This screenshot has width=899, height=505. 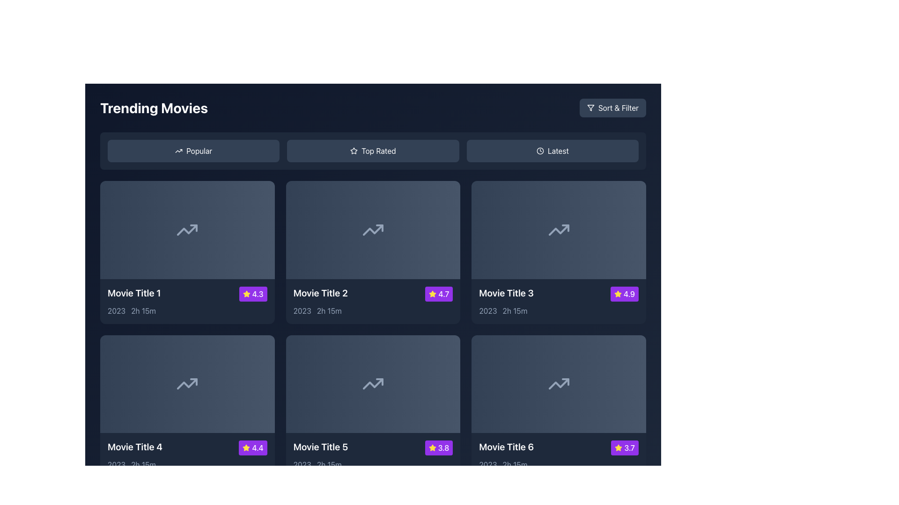 What do you see at coordinates (590, 108) in the screenshot?
I see `the 'Sort & Filter' button located in the top-right corner of the interface, which contains an SVG-based filtering icon represented by a funnel-like appearance` at bounding box center [590, 108].